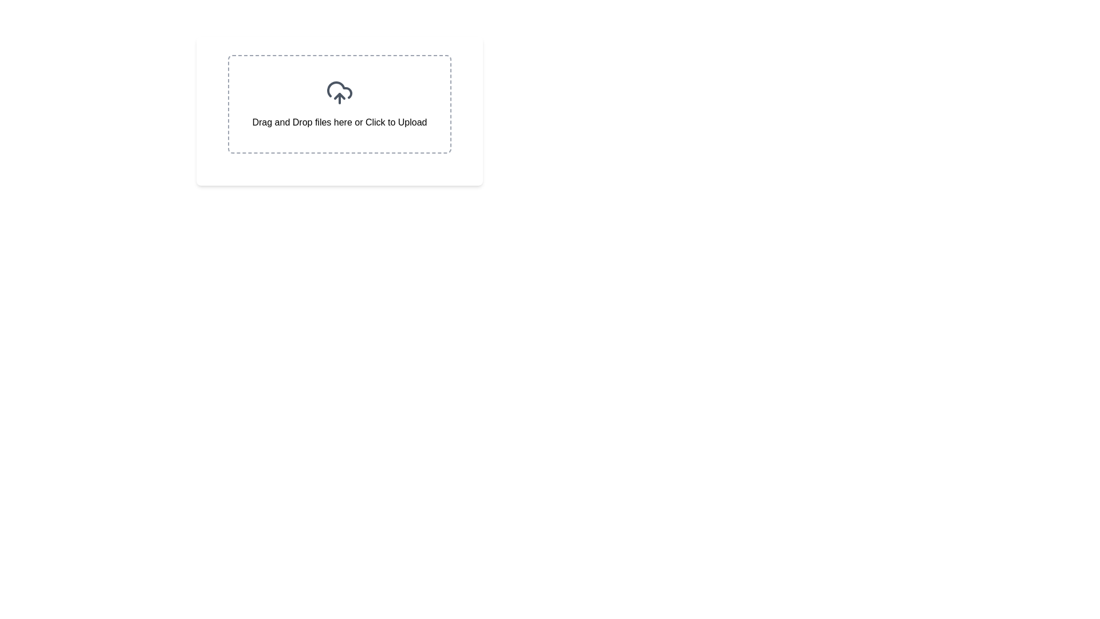 This screenshot has height=619, width=1100. I want to click on the small, upward-pointing arrow within the cloud upload icon, which is styled with a dark fill and is located at the bottom center of the cloud shape, so click(339, 96).